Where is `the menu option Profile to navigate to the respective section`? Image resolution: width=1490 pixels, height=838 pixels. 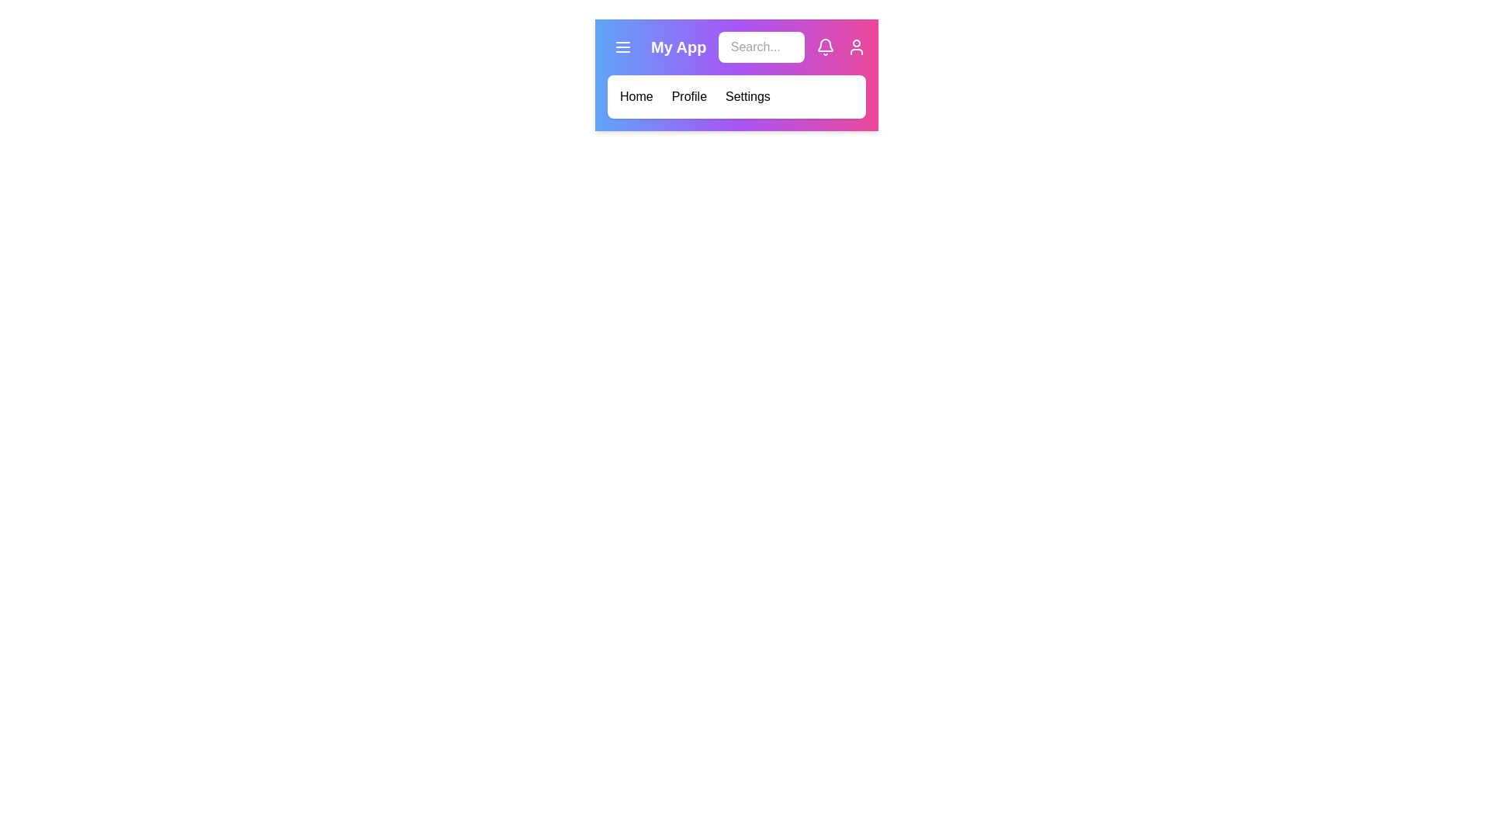
the menu option Profile to navigate to the respective section is located at coordinates (688, 96).